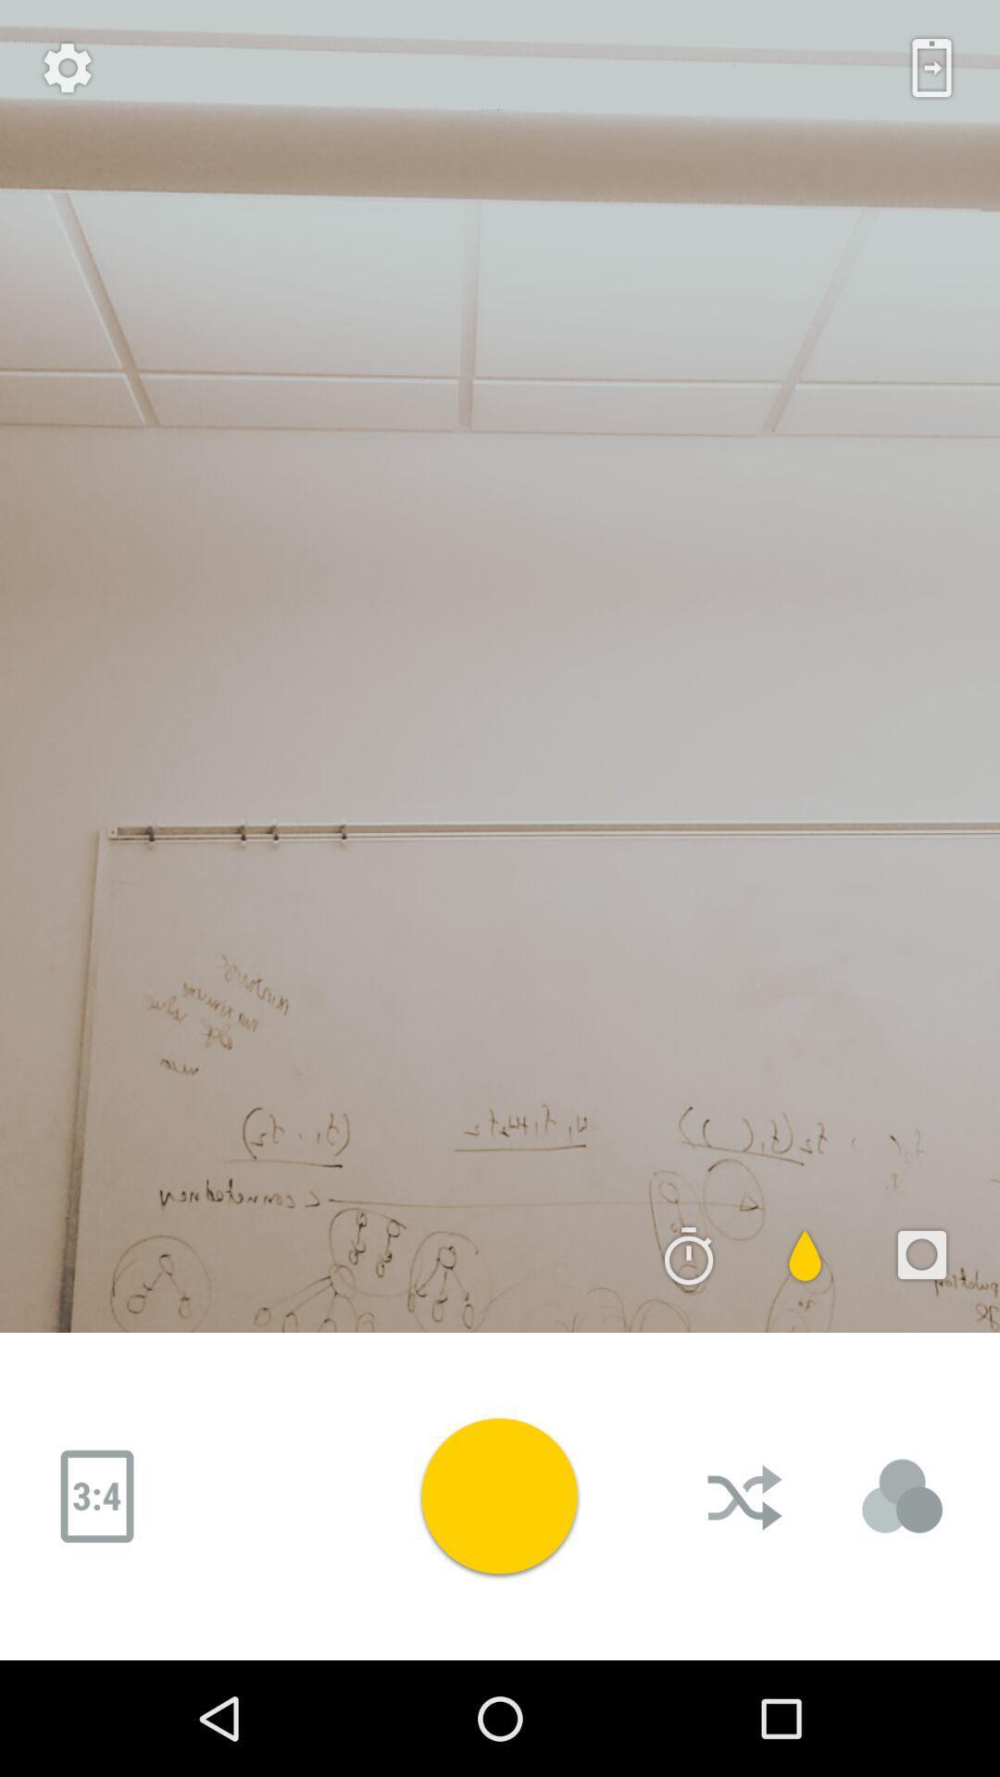 The height and width of the screenshot is (1777, 1000). I want to click on clock, so click(689, 1255).